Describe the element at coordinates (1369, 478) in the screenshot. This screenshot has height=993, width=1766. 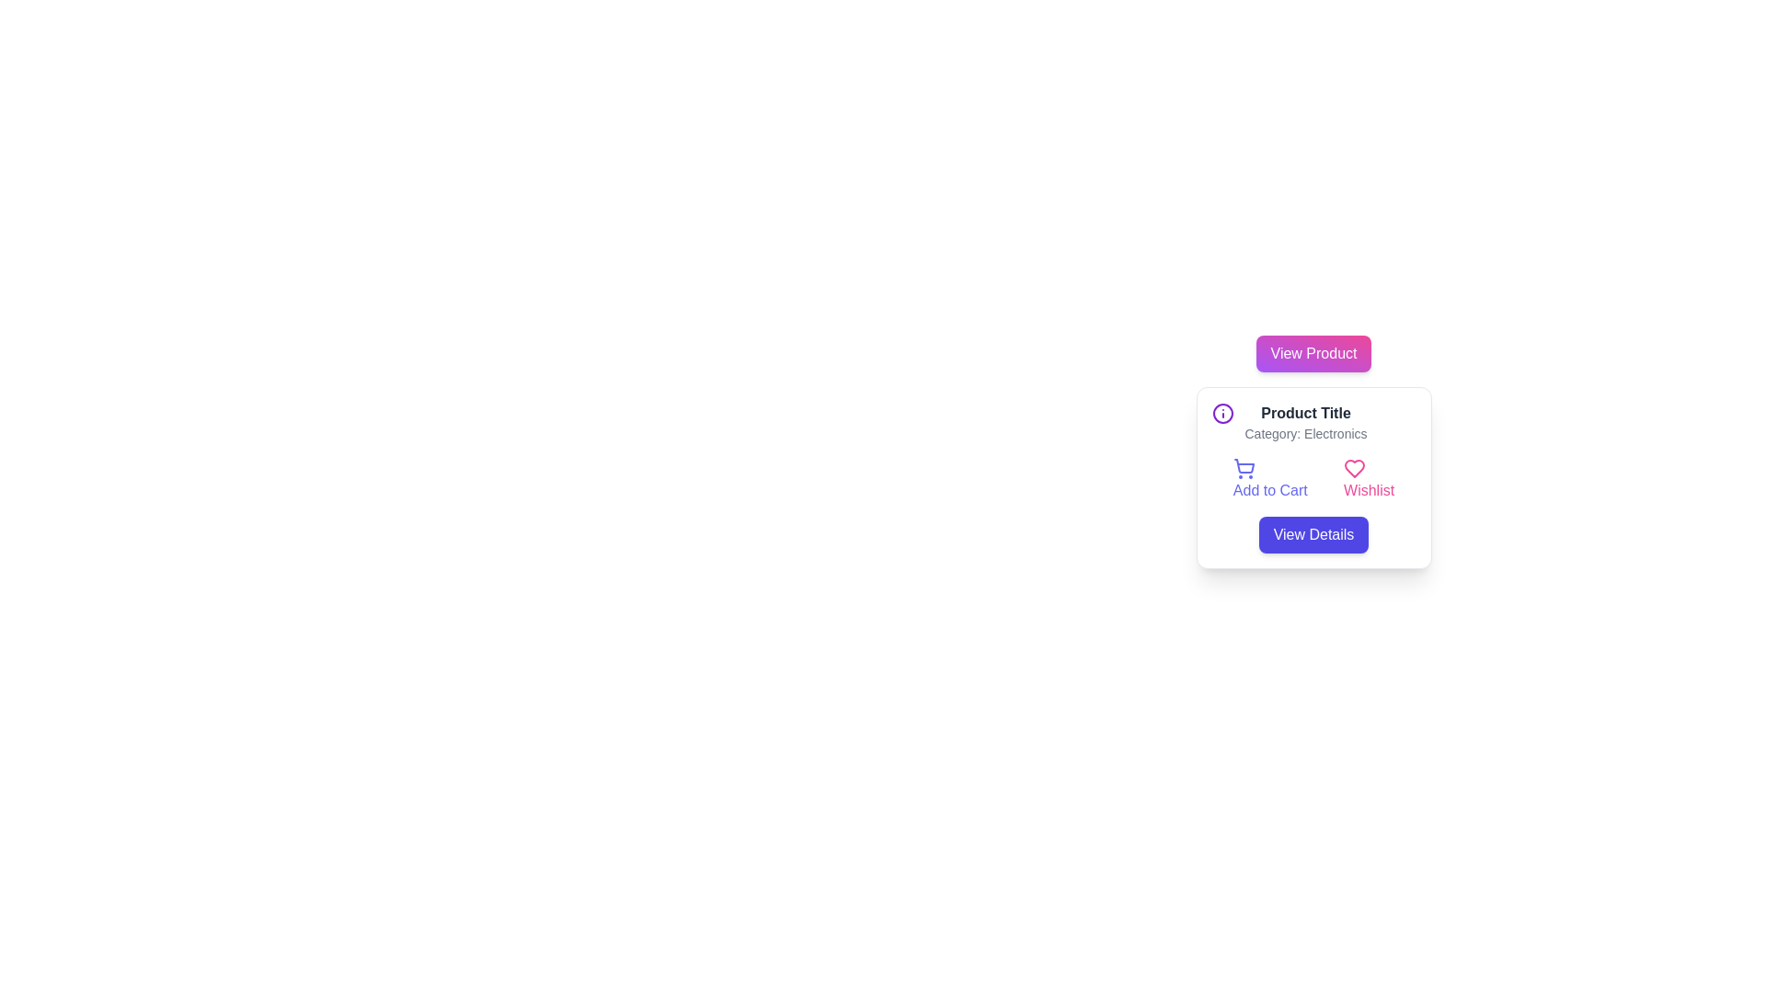
I see `the button located as the second item from the right in the bottom section of the product card` at that location.